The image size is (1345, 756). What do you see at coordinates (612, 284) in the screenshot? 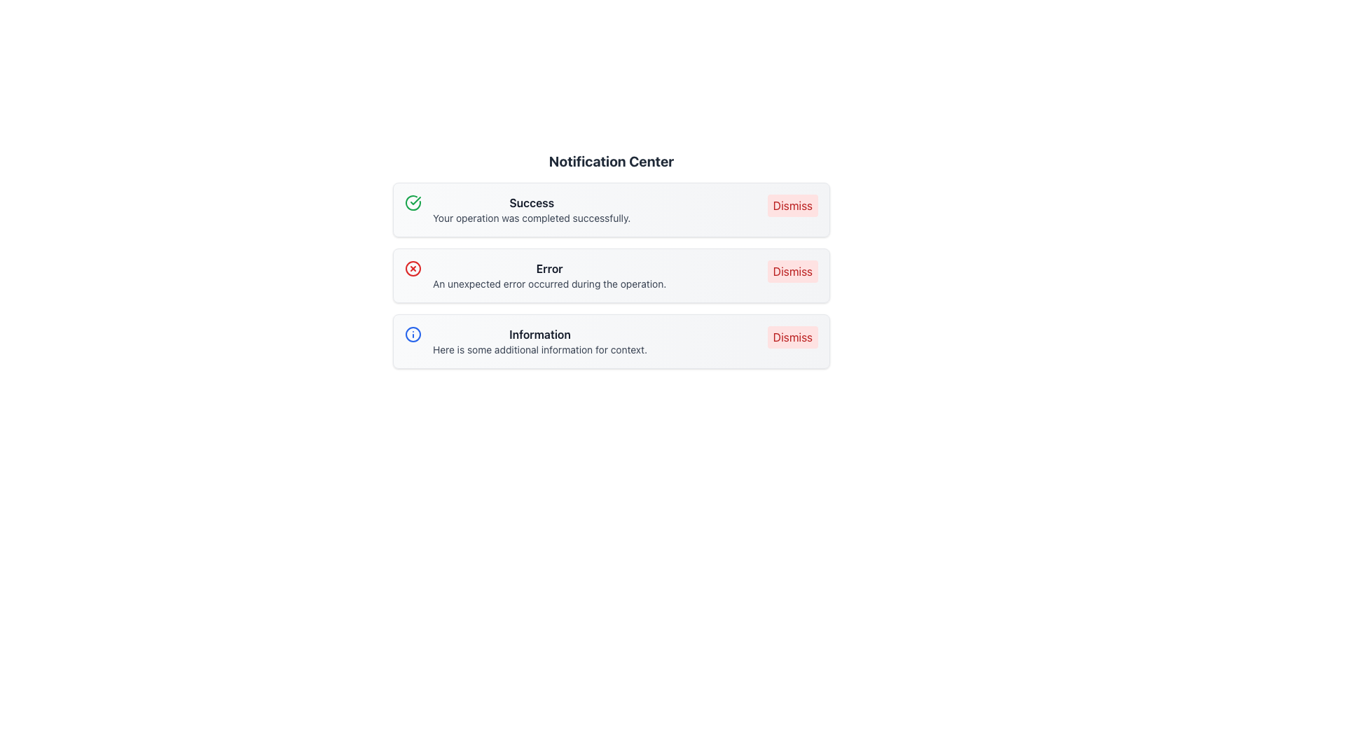
I see `notification message from the central Modal dialog that presents categorized messages to the user` at bounding box center [612, 284].